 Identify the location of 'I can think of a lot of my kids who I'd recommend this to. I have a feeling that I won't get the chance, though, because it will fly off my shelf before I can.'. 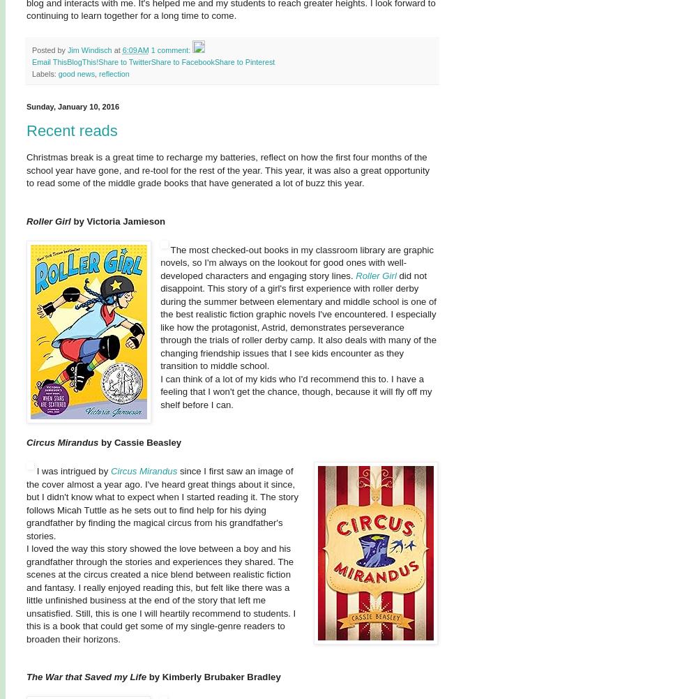
(159, 391).